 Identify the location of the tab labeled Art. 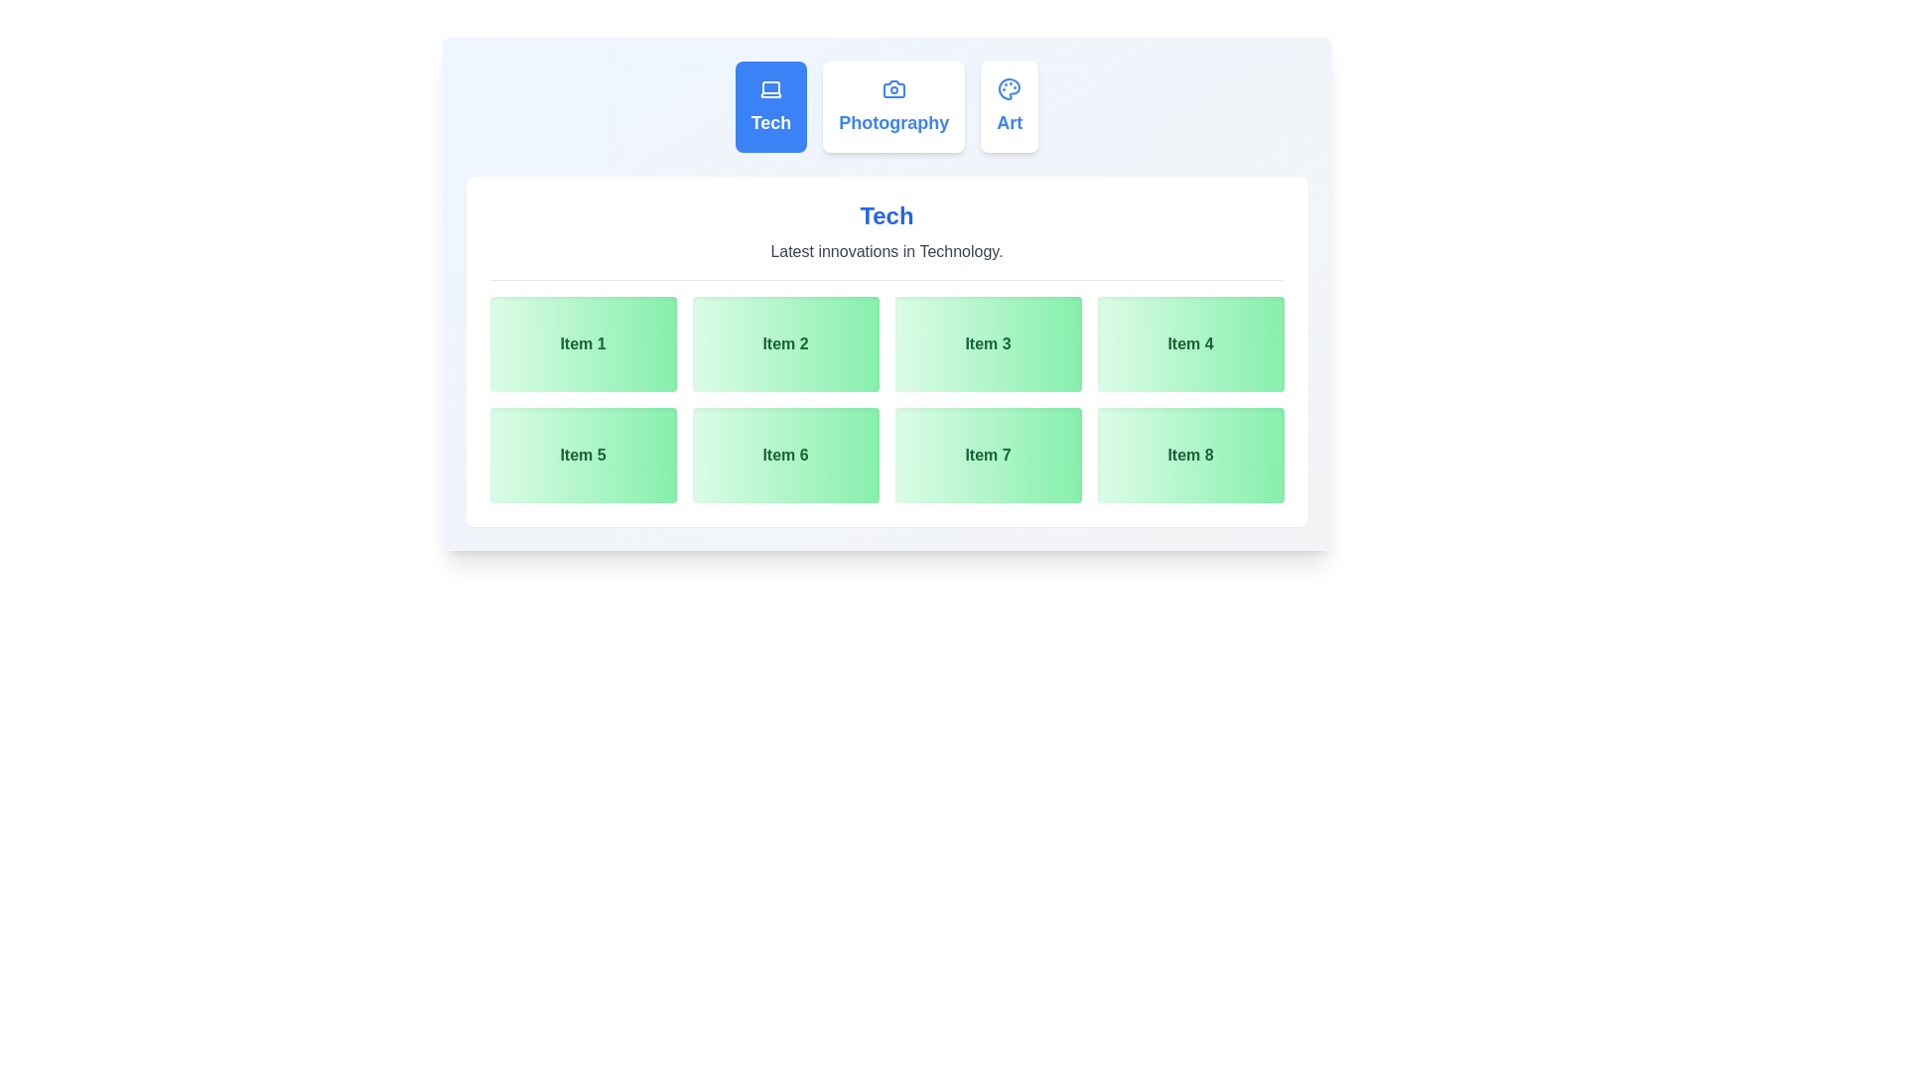
(1010, 107).